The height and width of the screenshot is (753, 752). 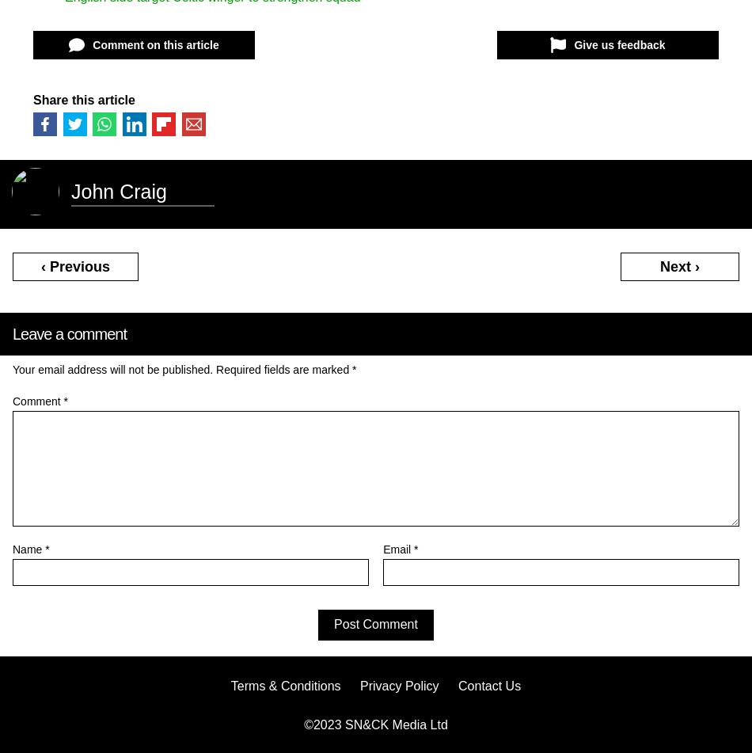 What do you see at coordinates (112, 368) in the screenshot?
I see `'Your email address will not be published.'` at bounding box center [112, 368].